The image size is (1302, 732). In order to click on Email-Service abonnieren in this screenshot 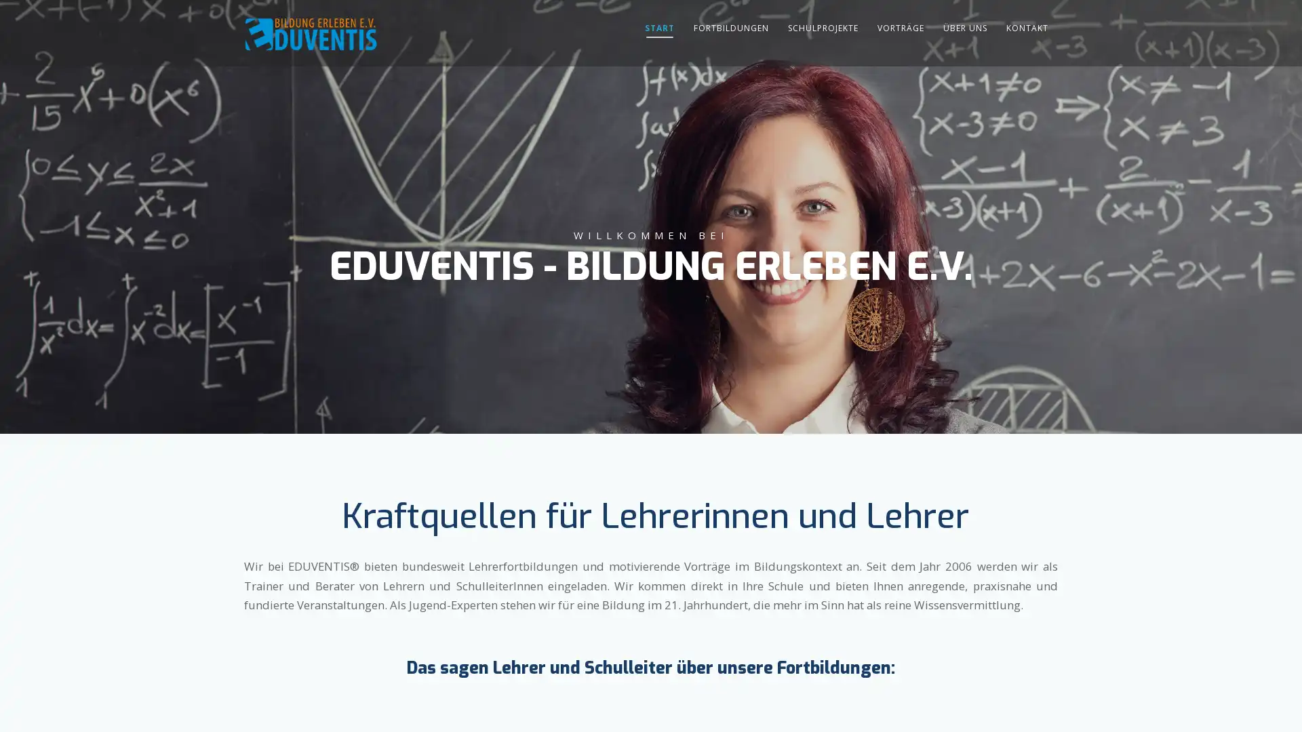, I will do `click(882, 457)`.